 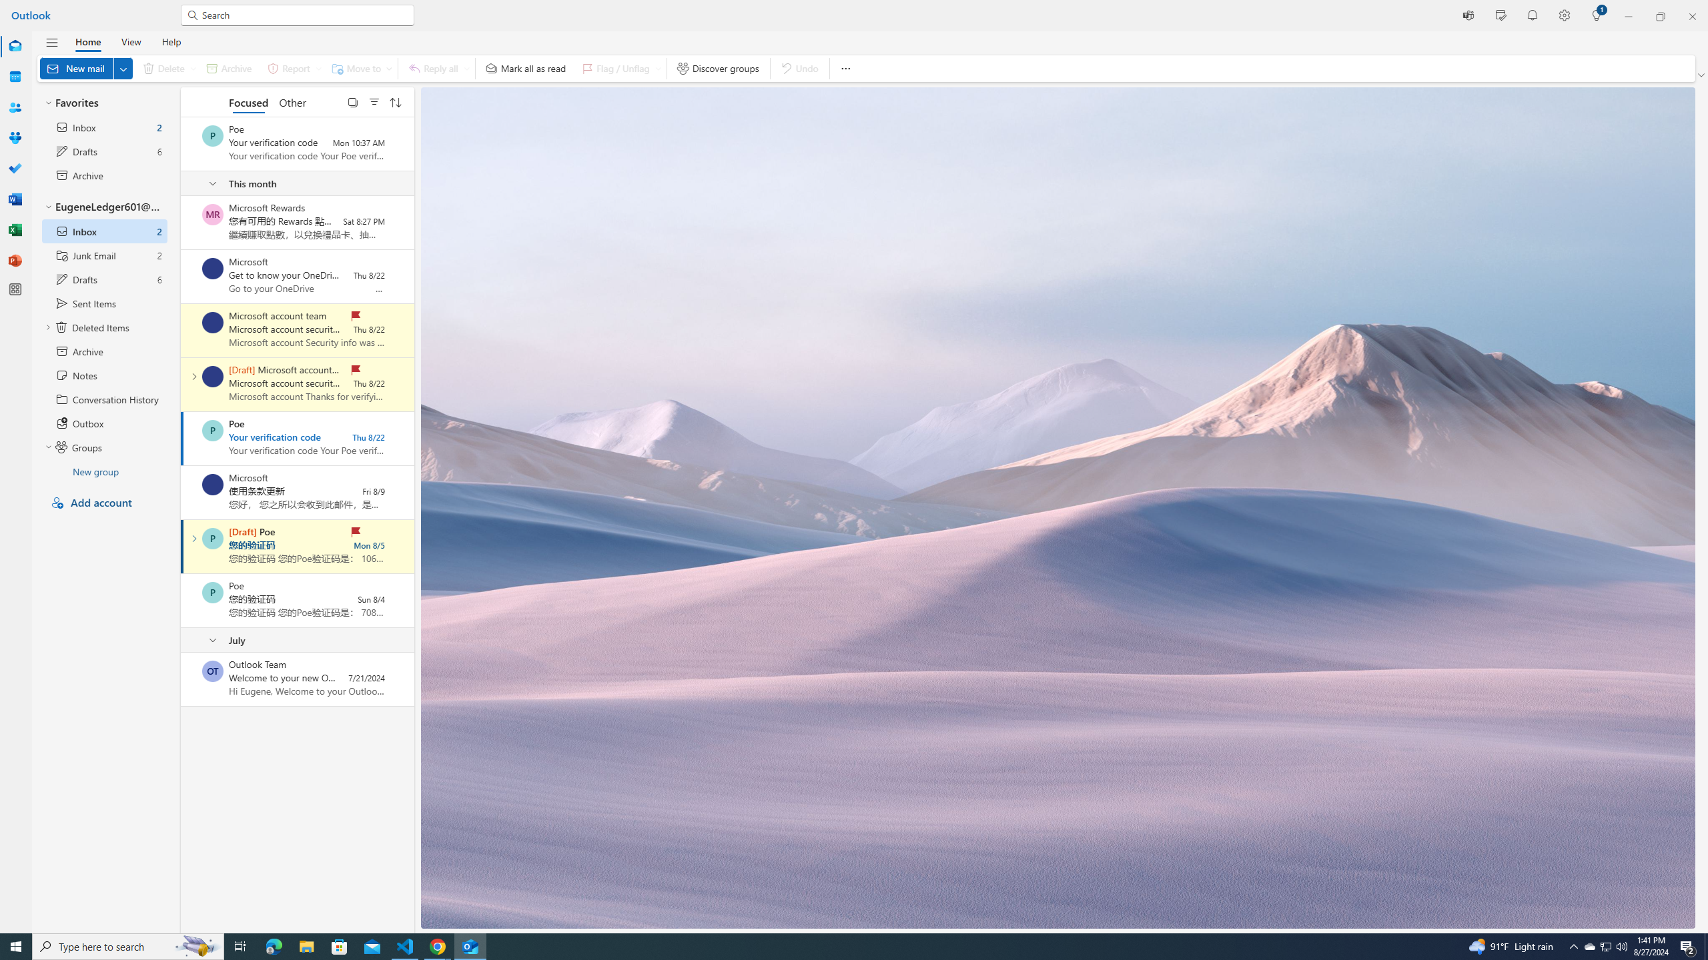 I want to click on 'Expand to see more report options', so click(x=318, y=68).